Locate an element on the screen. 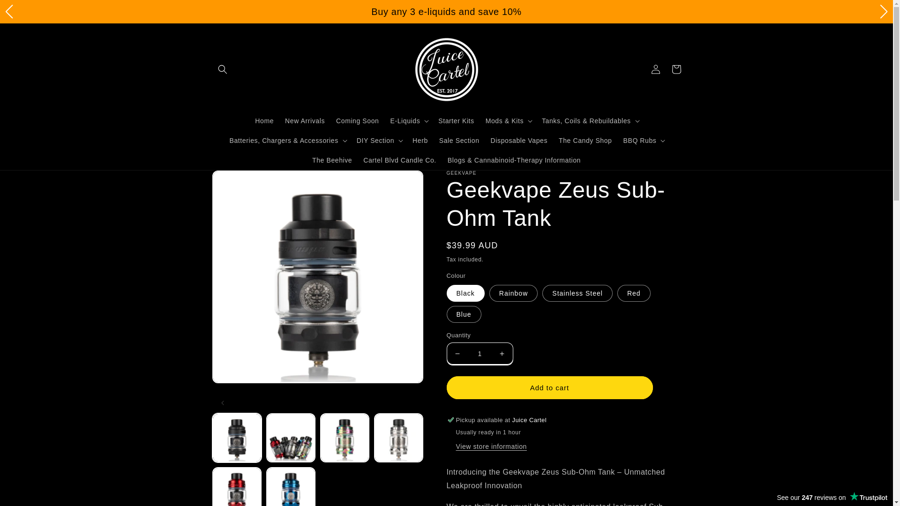 Image resolution: width=900 pixels, height=506 pixels. 'The Beehive' is located at coordinates (332, 160).